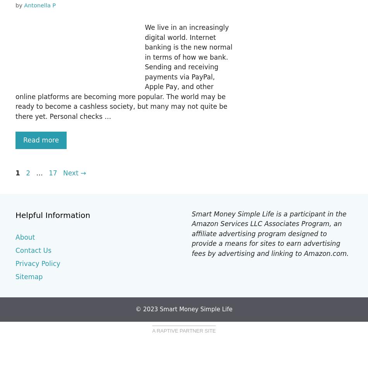 This screenshot has width=368, height=374. Describe the element at coordinates (123, 72) in the screenshot. I see `'We live in an increasingly digital world. Internet banking is the new normal in terms of how we bank. Sending and receiving payments via PayPal, Apple Pay, and other online platforms are becoming more popular. The world may be ready to become a cashless society, but many may not quite be there yet. Personal checks …'` at that location.